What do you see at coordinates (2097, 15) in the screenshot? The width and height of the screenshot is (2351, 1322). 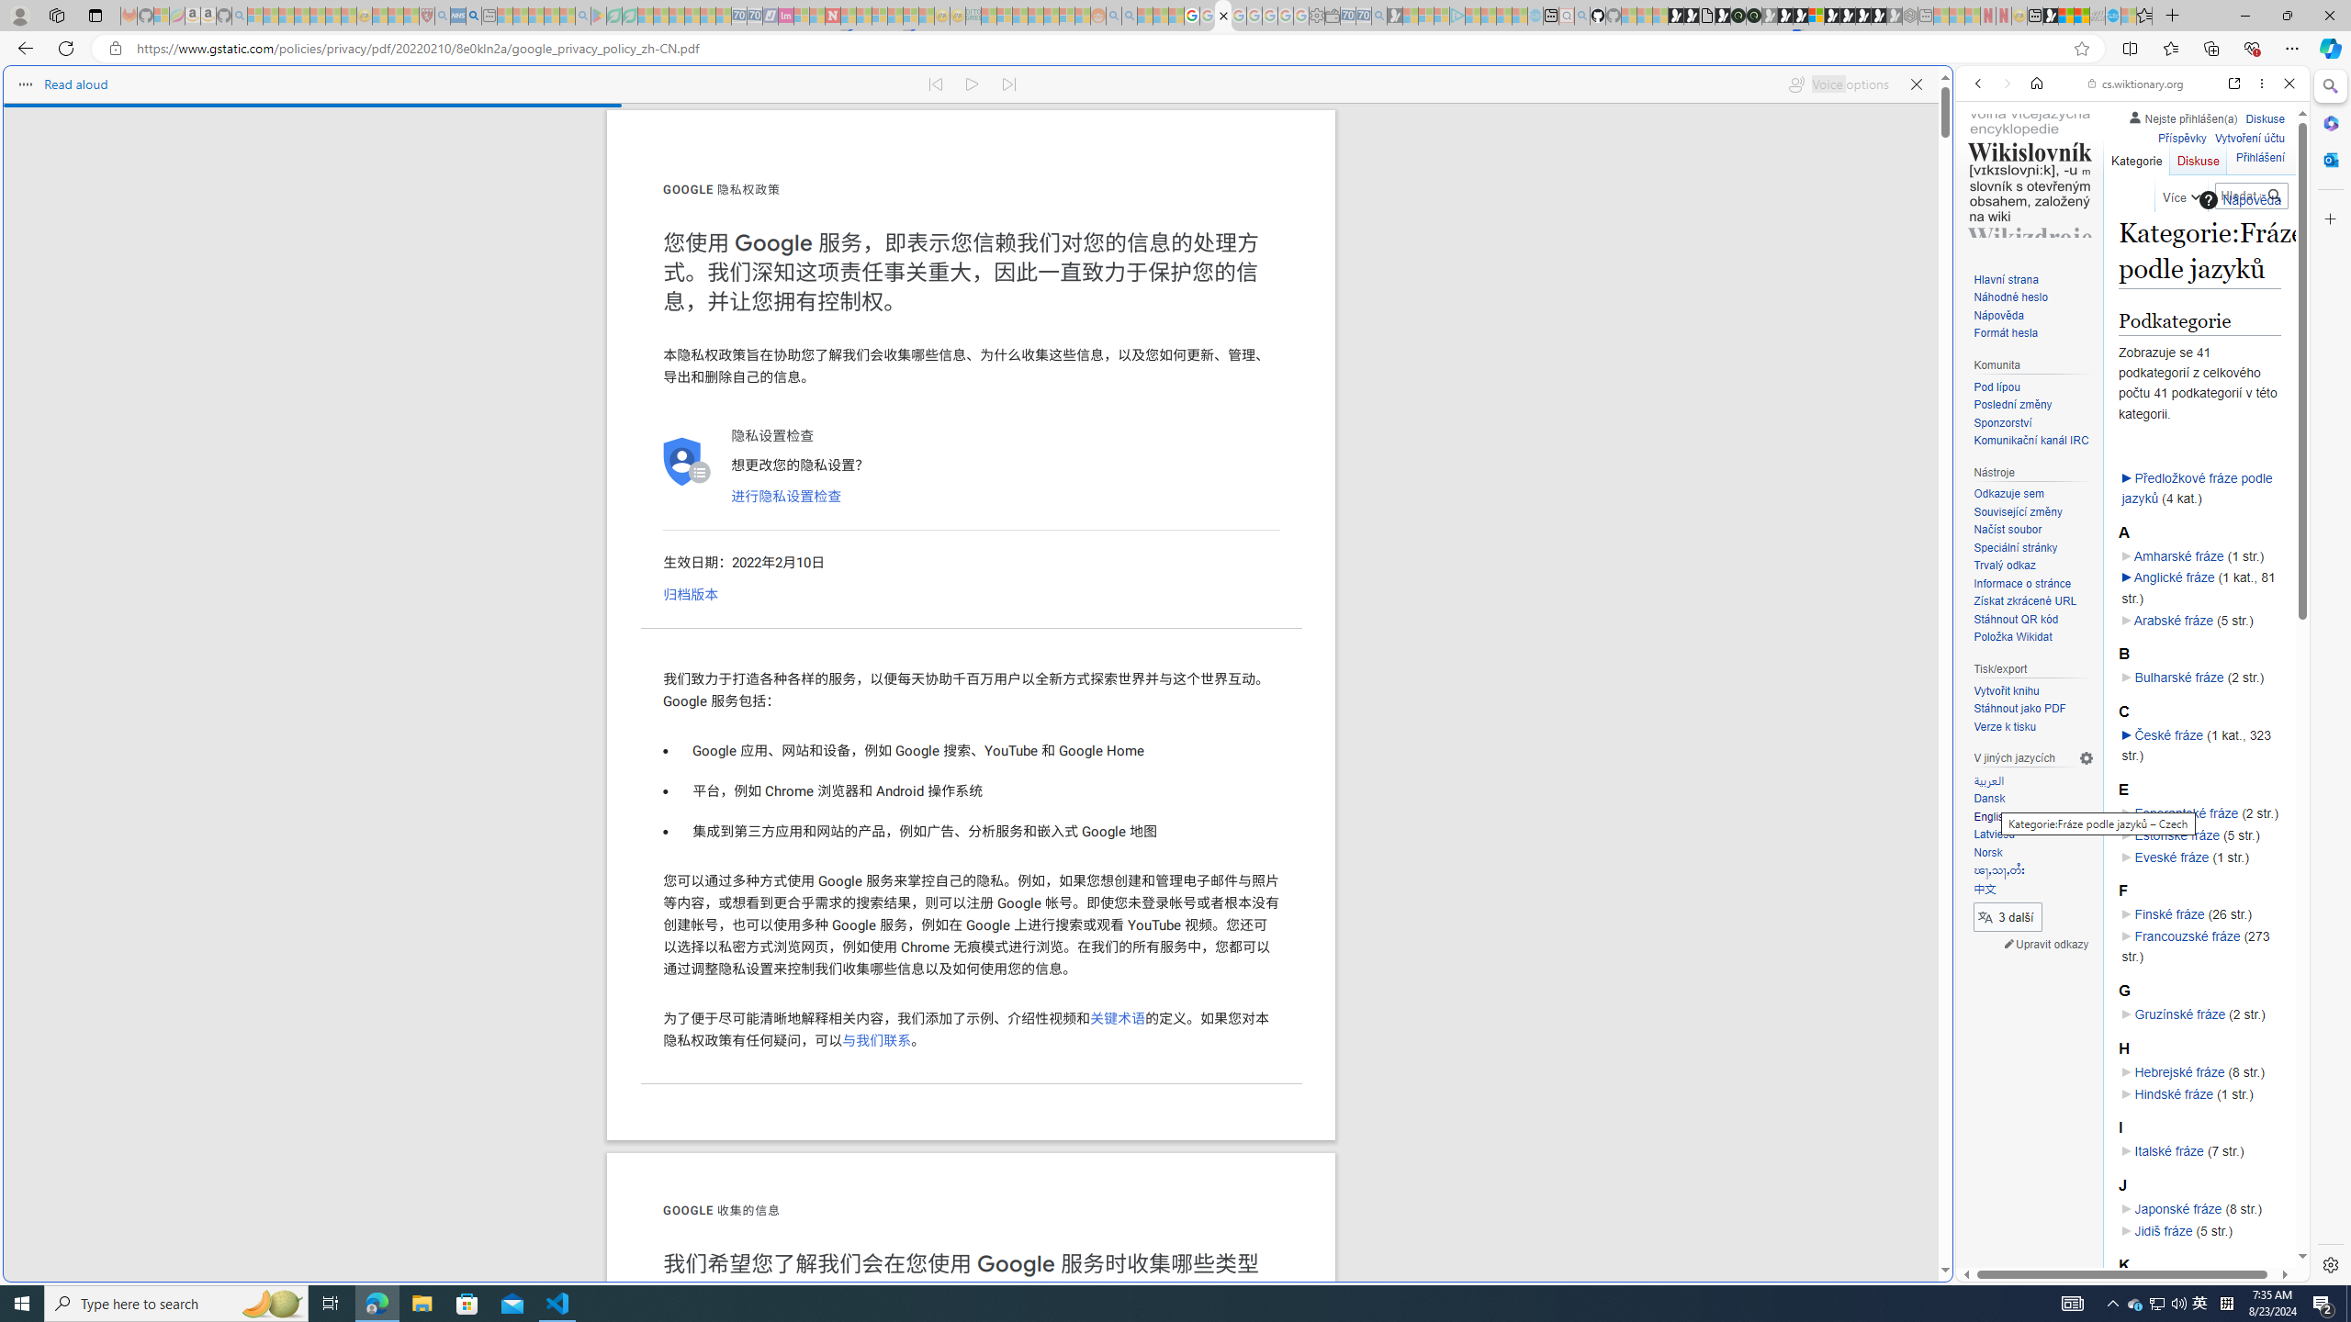 I see `'Navy Quest'` at bounding box center [2097, 15].